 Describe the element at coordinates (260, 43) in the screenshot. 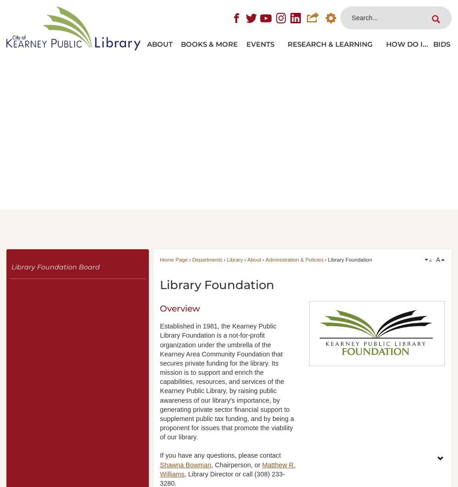

I see `'Events'` at that location.